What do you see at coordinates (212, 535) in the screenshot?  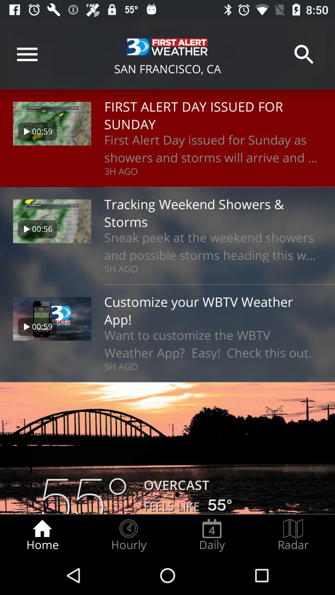 I see `icon to the left of the radar` at bounding box center [212, 535].